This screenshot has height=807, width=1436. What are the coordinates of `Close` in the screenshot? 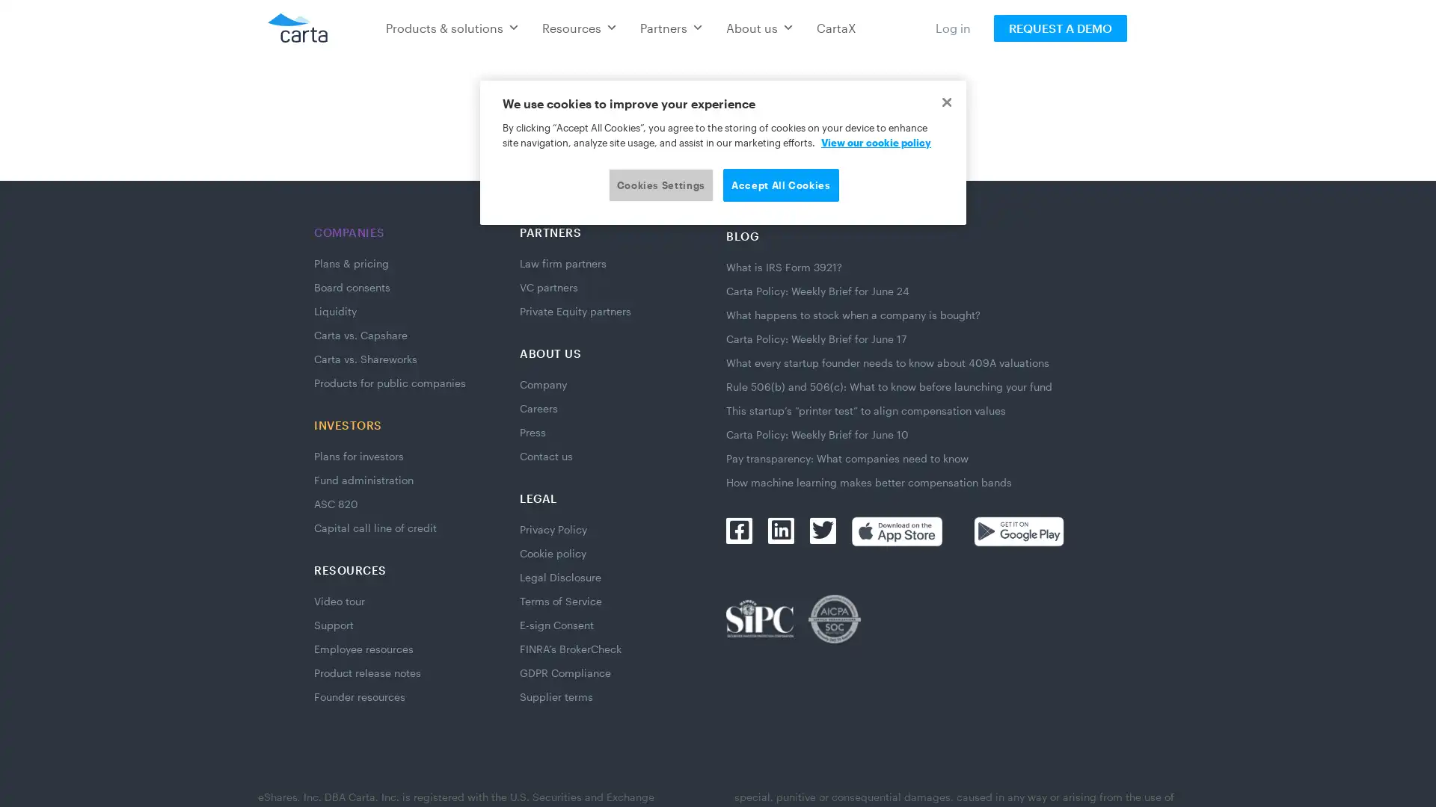 It's located at (946, 102).